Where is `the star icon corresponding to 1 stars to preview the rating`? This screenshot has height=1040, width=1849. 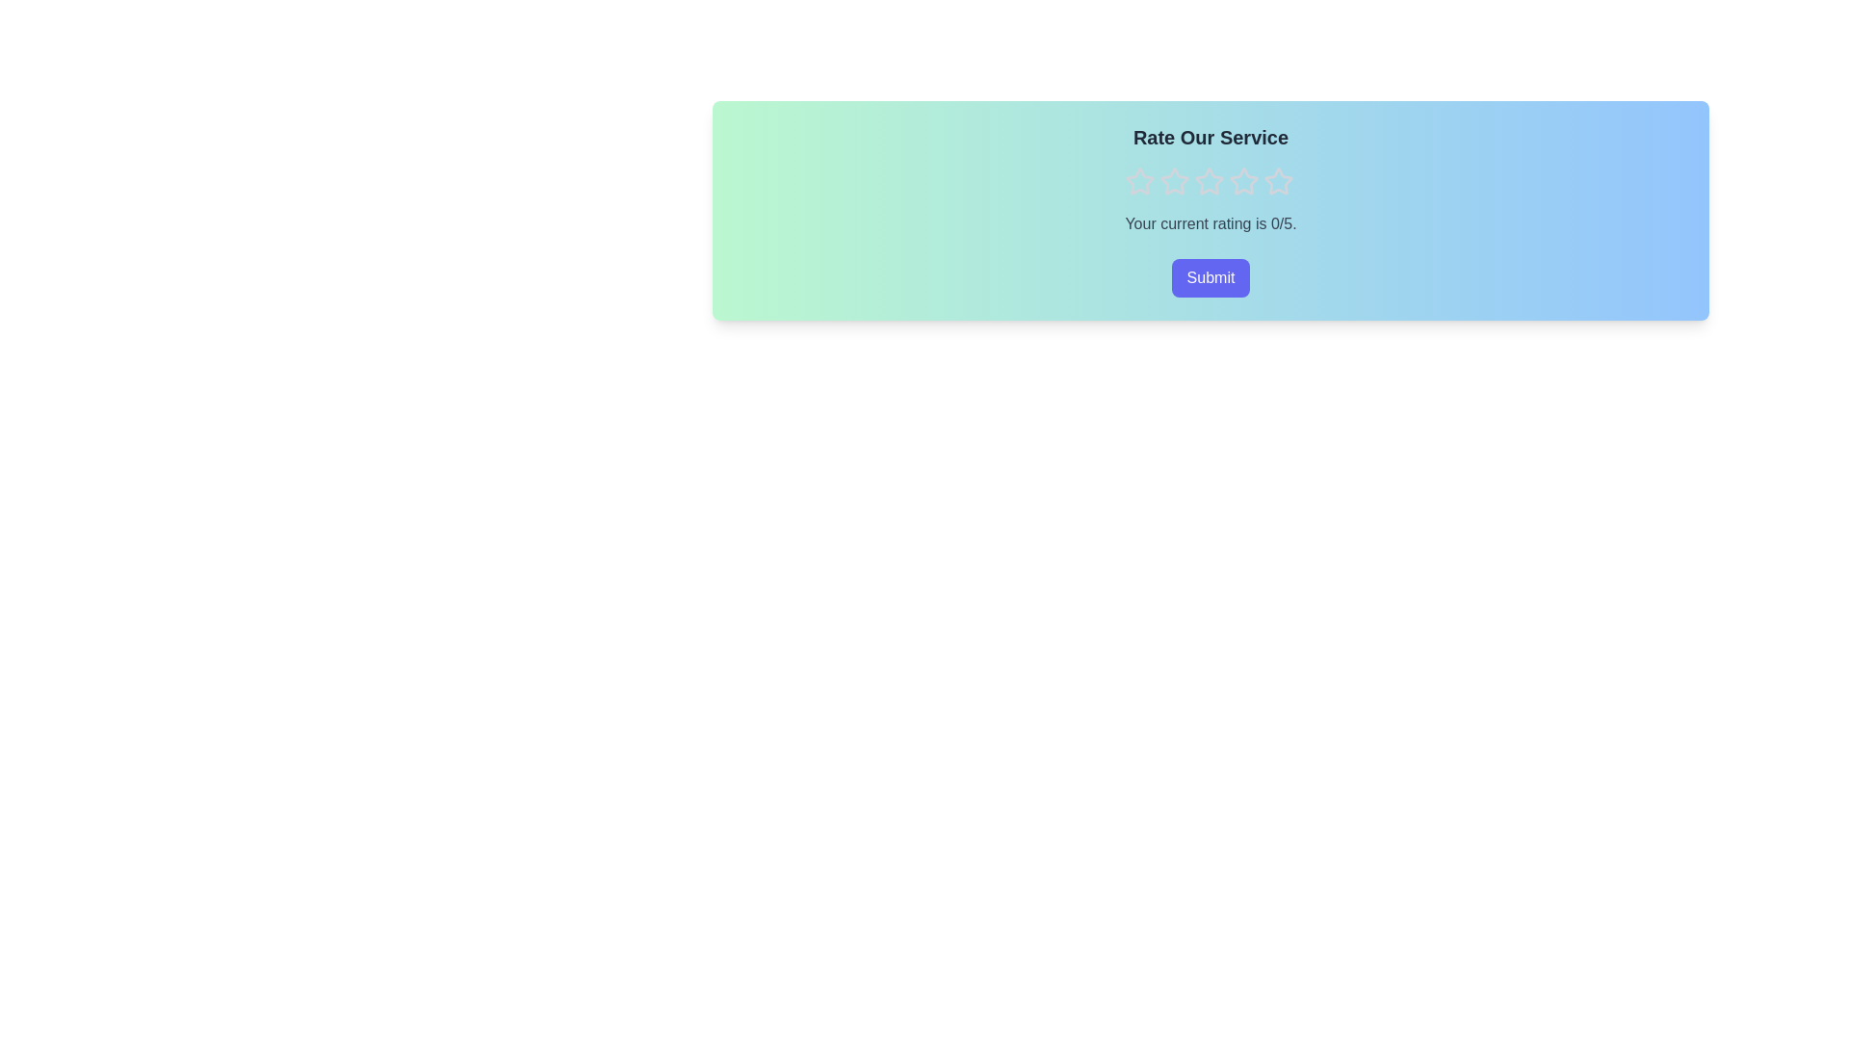 the star icon corresponding to 1 stars to preview the rating is located at coordinates (1139, 182).